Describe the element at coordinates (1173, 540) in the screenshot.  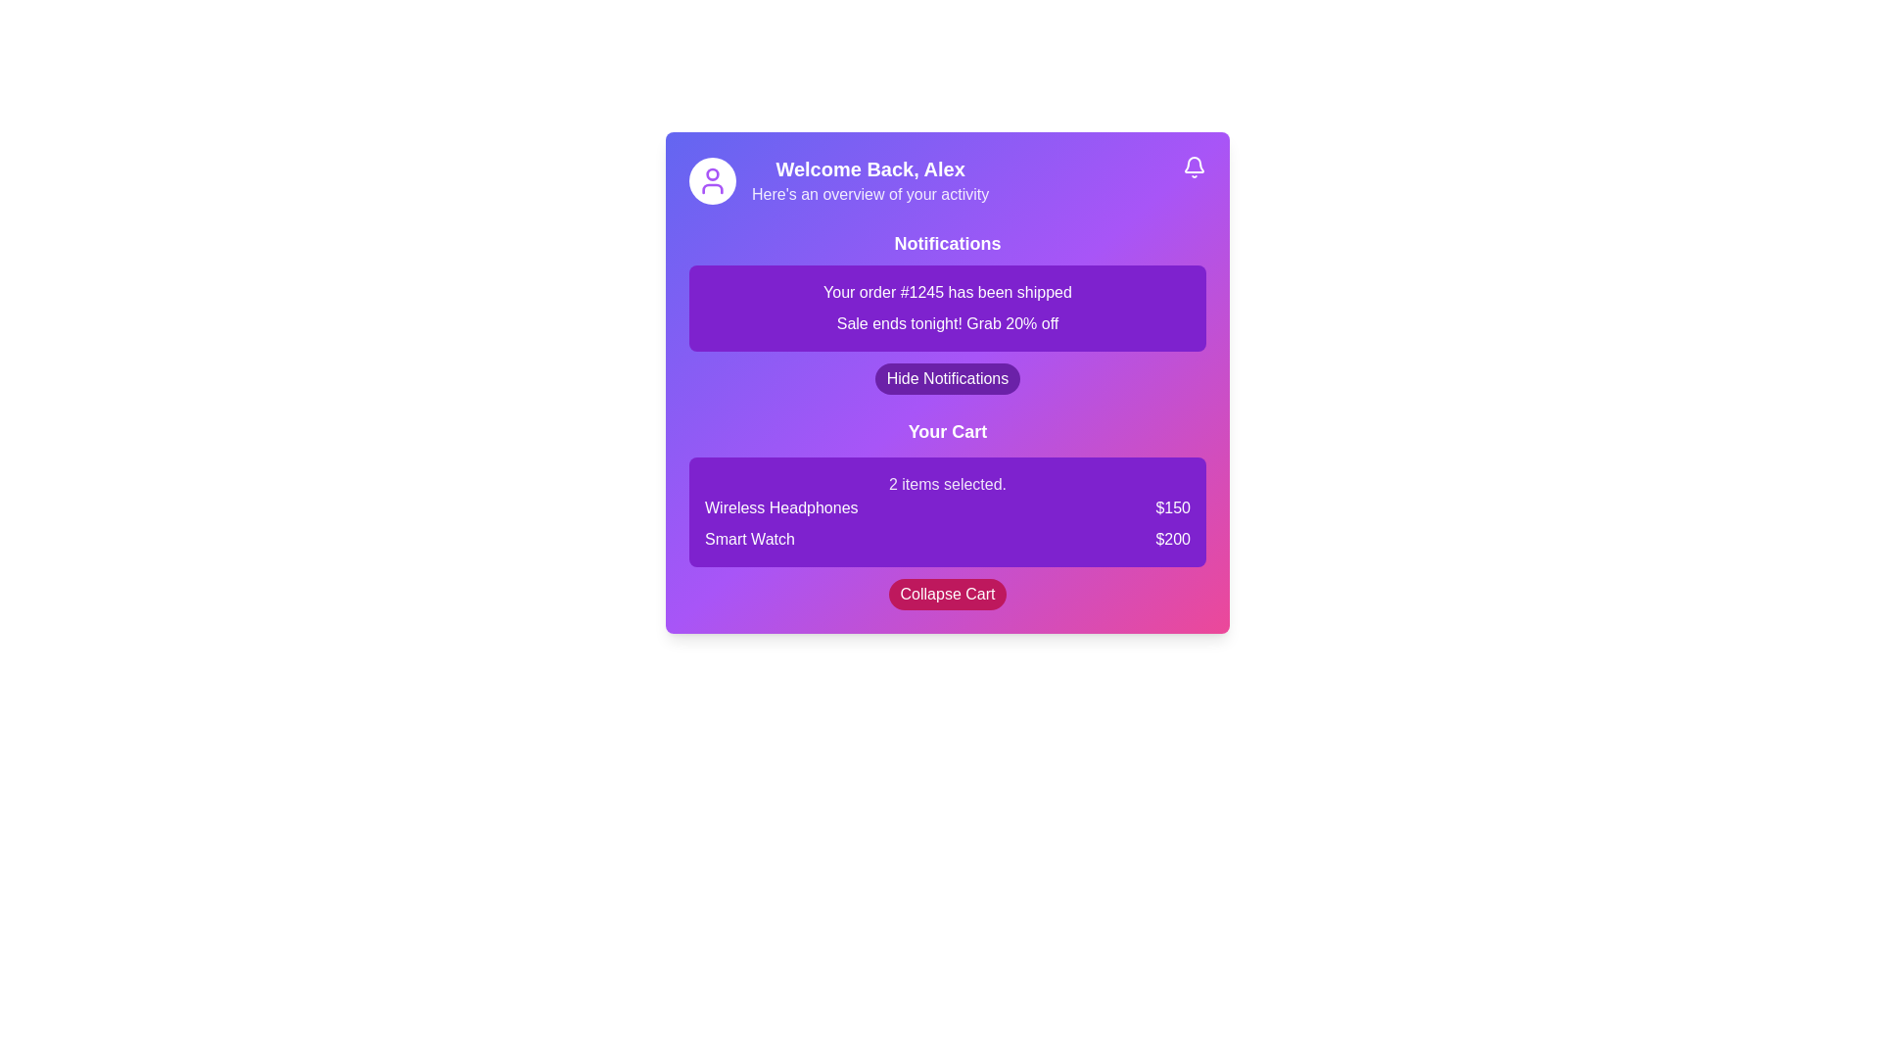
I see `price information displayed in the white text label showing '$200', which is located in the bottom-right section of the 'Your Cart' area, next to the 'Smart Watch' item` at that location.